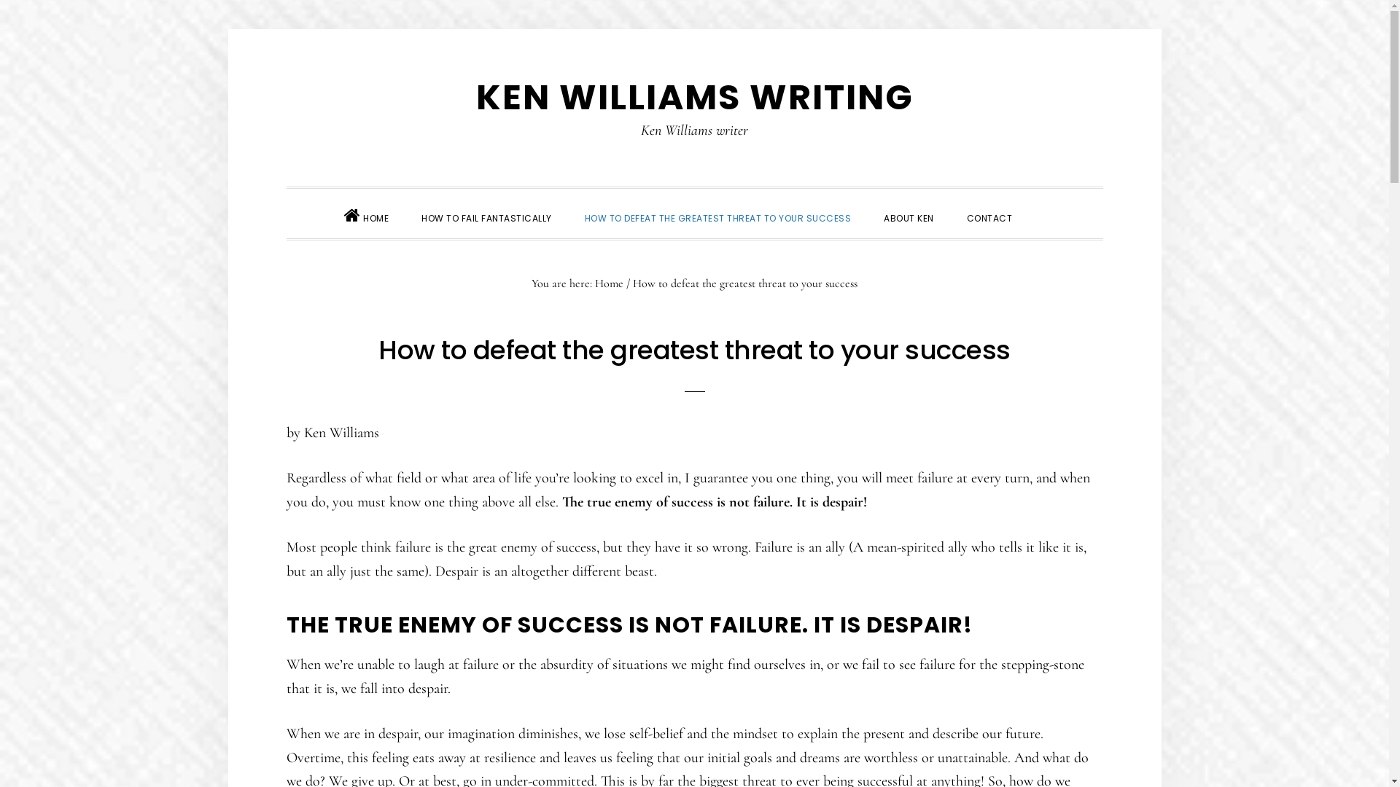  I want to click on 'ABOUT KEN', so click(908, 216).